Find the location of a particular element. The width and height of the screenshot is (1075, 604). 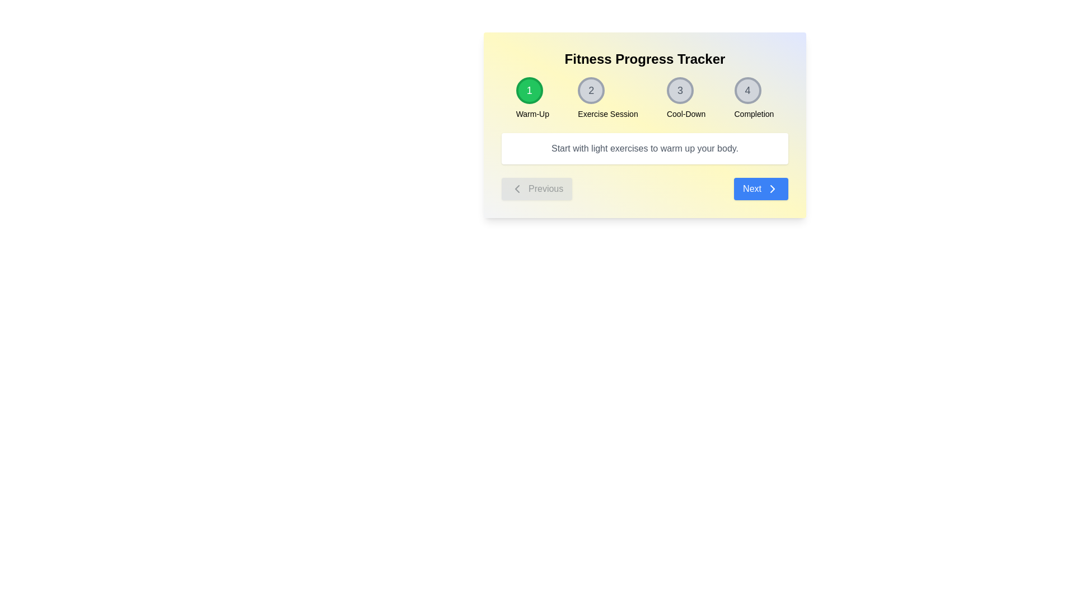

the static text label displaying 'Completion', which is positioned centrally below the circle labeled '4', indicating the final step of the sequence is located at coordinates (754, 114).